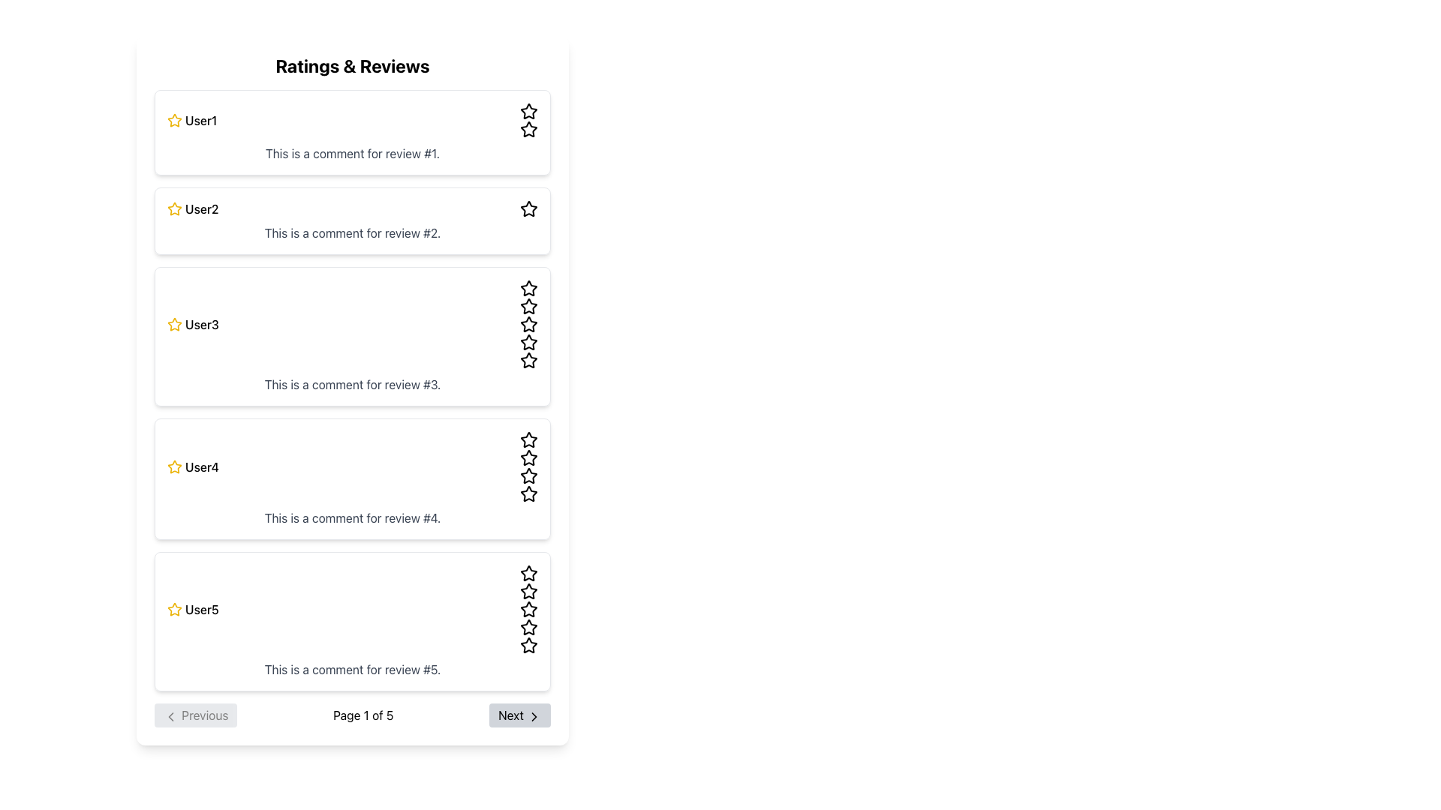  Describe the element at coordinates (175, 323) in the screenshot. I see `the yellow star icon located in the third review card adjacent to 'User3' to interact with the rating feature` at that location.